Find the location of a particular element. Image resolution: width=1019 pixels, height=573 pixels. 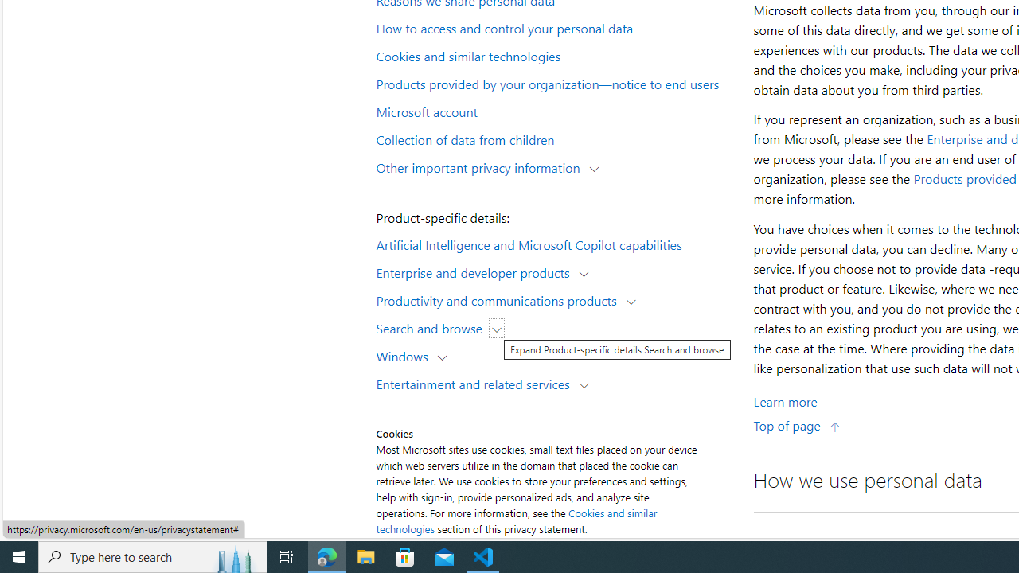

'Search and browse' is located at coordinates (433, 327).